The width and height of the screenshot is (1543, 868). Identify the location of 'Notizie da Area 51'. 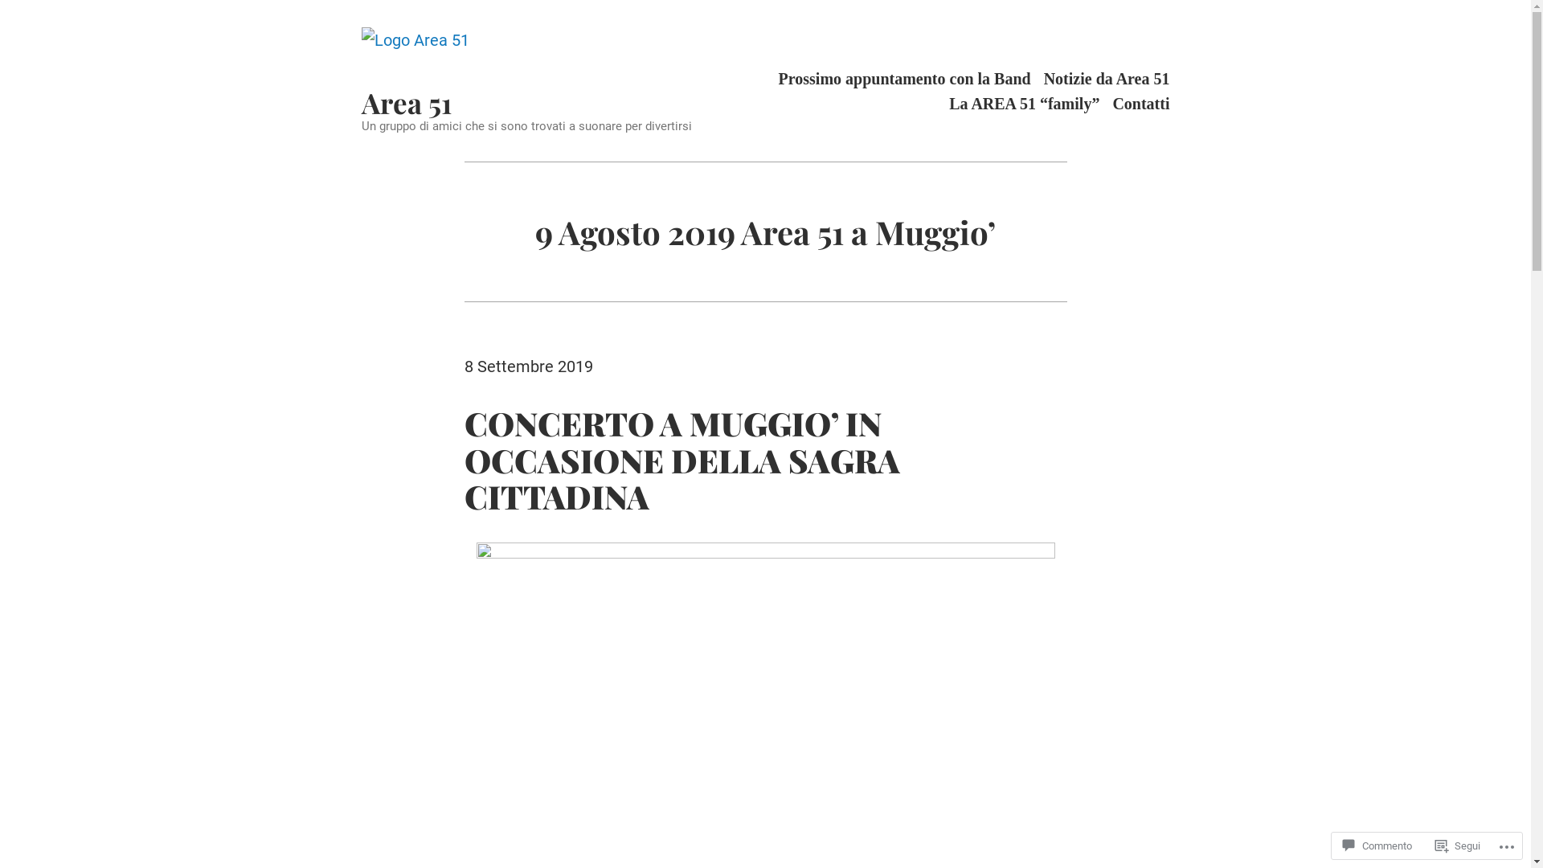
(1106, 78).